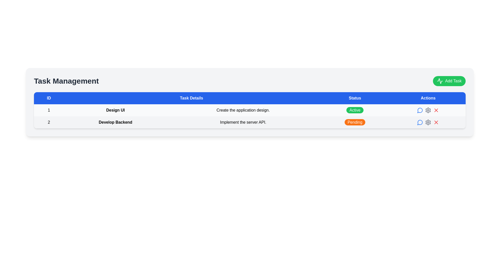  What do you see at coordinates (428, 110) in the screenshot?
I see `the Settings icon button, which is a gear-shaped gray icon located to the right of the comment bubble icon and to the left of the red delete icon in the action section of the 'Develop Backend' task` at bounding box center [428, 110].